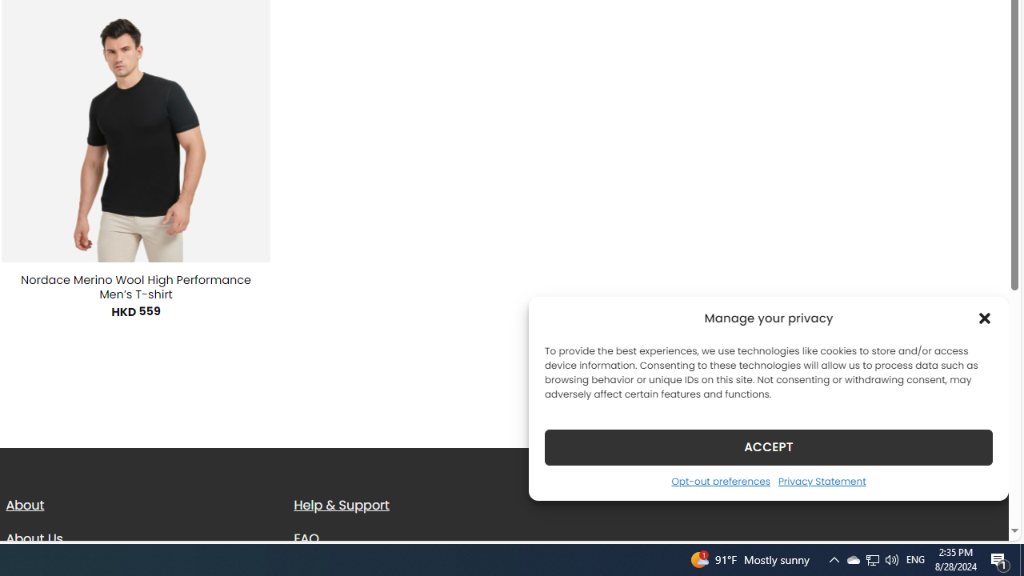  I want to click on 'Privacy Statement', so click(822, 480).